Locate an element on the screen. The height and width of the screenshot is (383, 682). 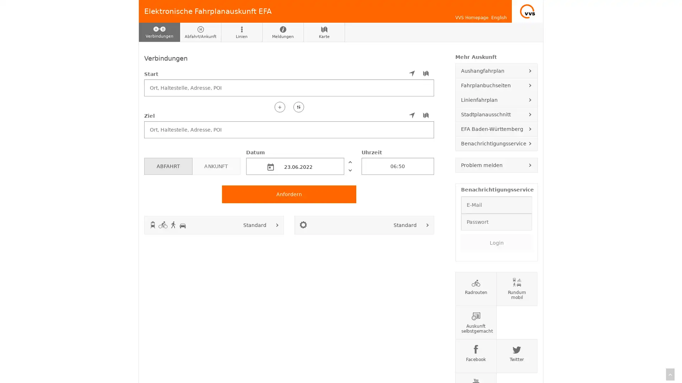
Datum 23.06.2022 vorher nachher is located at coordinates (301, 161).